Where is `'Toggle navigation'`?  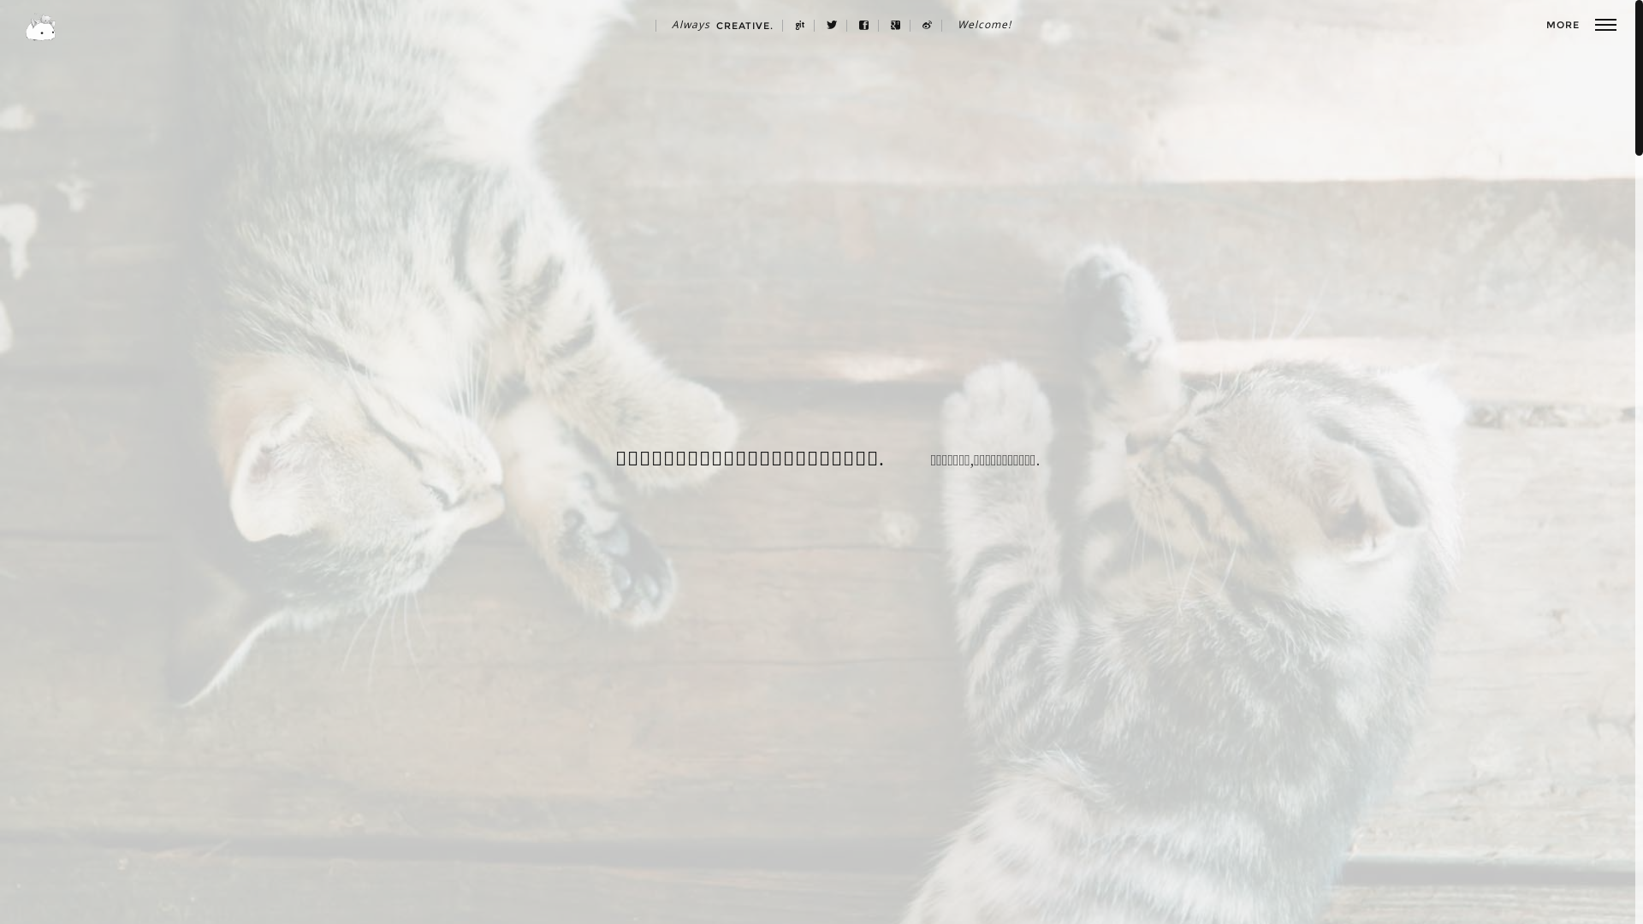 'Toggle navigation' is located at coordinates (1593, 25).